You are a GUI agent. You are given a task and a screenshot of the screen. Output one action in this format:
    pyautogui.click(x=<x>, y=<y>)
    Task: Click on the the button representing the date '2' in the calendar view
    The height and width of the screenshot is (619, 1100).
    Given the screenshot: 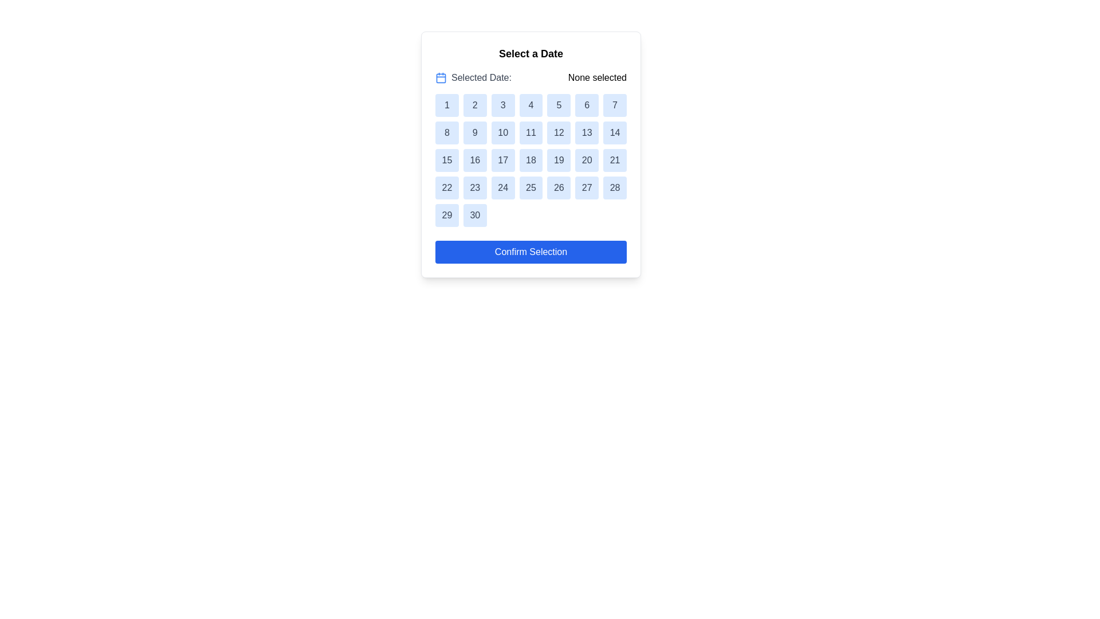 What is the action you would take?
    pyautogui.click(x=475, y=105)
    